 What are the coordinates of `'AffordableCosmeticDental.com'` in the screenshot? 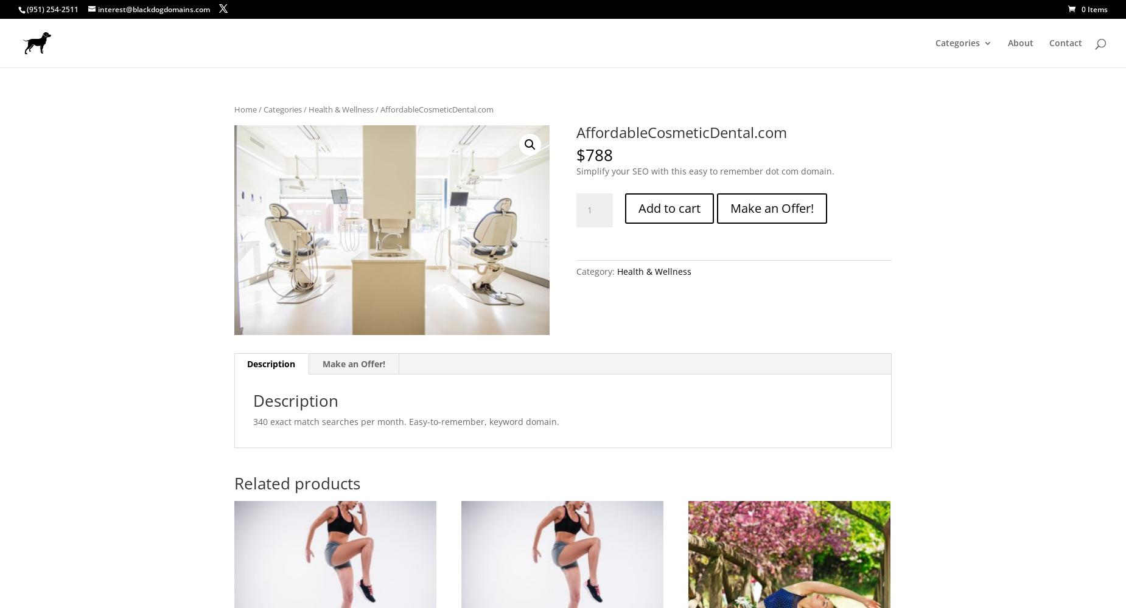 It's located at (575, 131).